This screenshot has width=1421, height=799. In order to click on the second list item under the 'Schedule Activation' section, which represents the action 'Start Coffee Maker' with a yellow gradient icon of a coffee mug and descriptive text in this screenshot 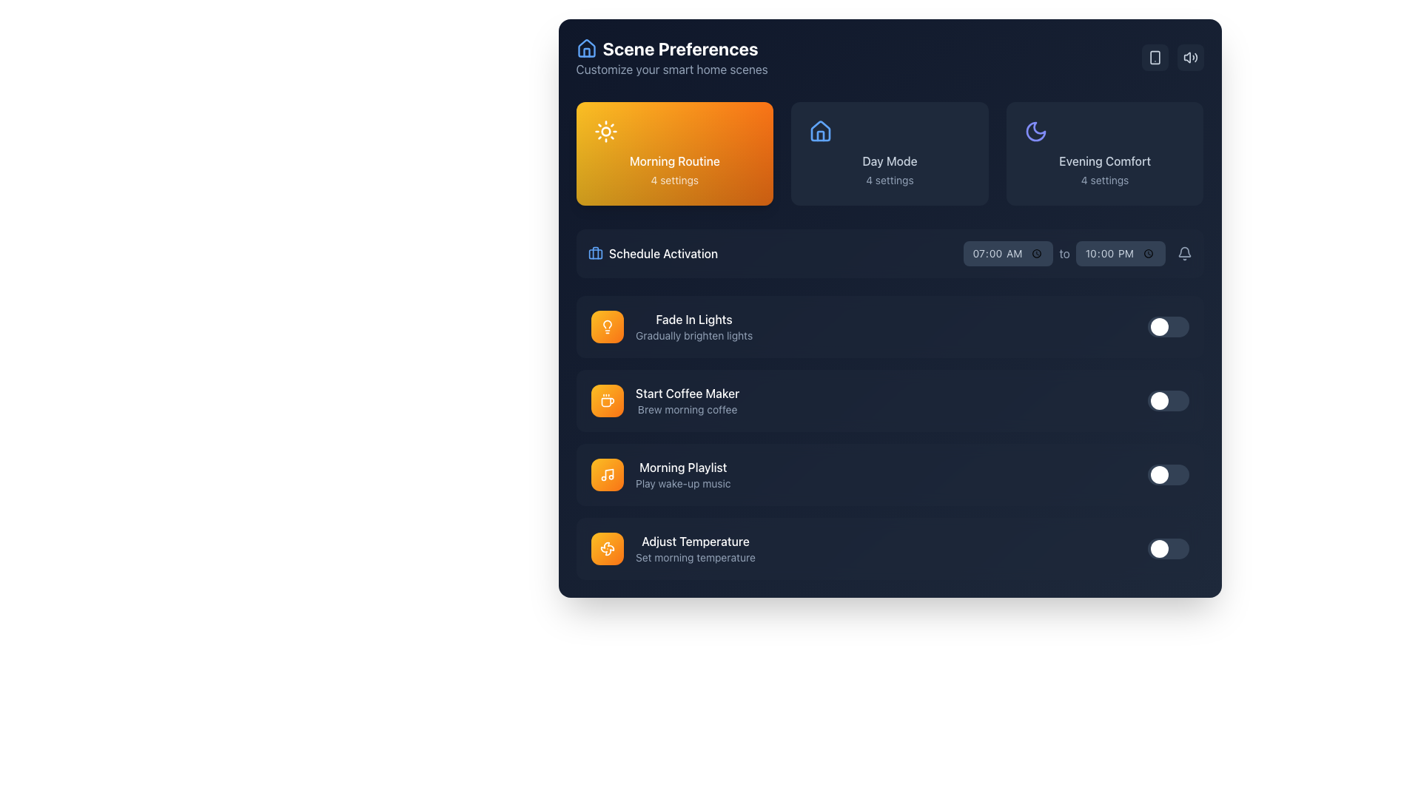, I will do `click(664, 401)`.